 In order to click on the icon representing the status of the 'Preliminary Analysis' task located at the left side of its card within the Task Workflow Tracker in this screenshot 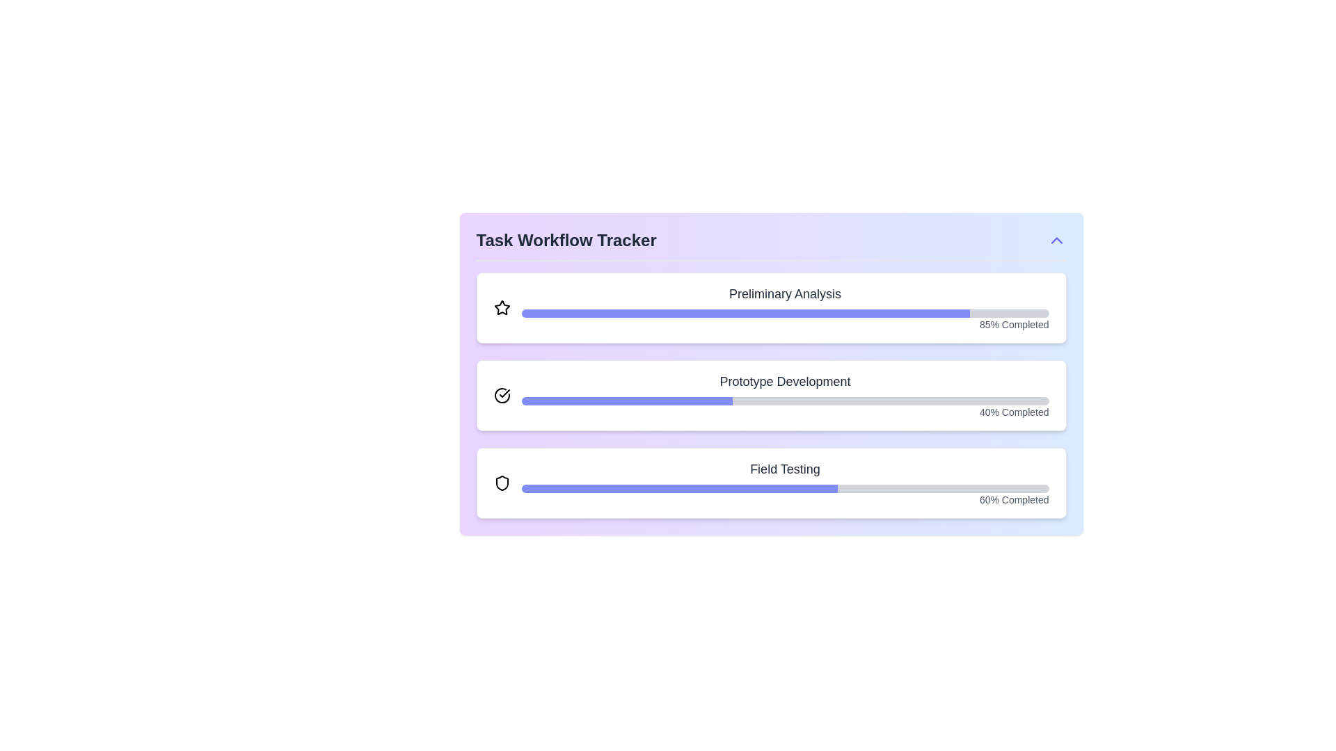, I will do `click(501, 307)`.